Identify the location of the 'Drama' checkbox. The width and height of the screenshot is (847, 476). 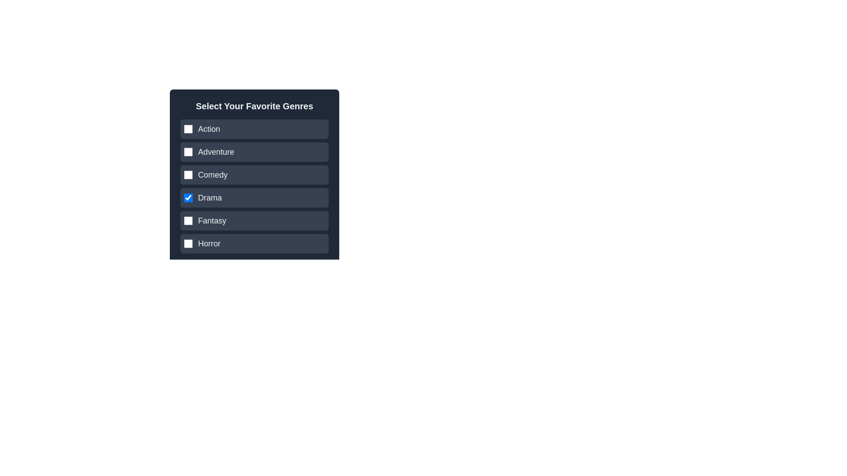
(254, 188).